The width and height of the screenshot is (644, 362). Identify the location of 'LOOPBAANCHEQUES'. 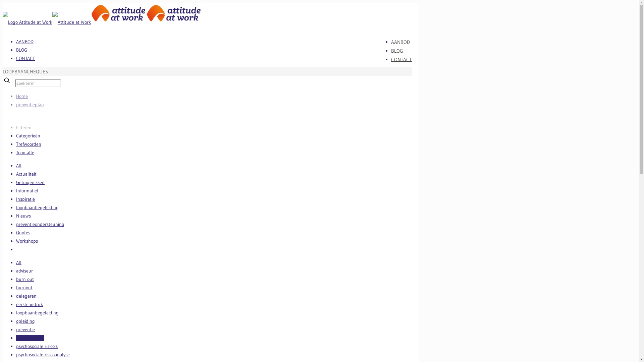
(25, 71).